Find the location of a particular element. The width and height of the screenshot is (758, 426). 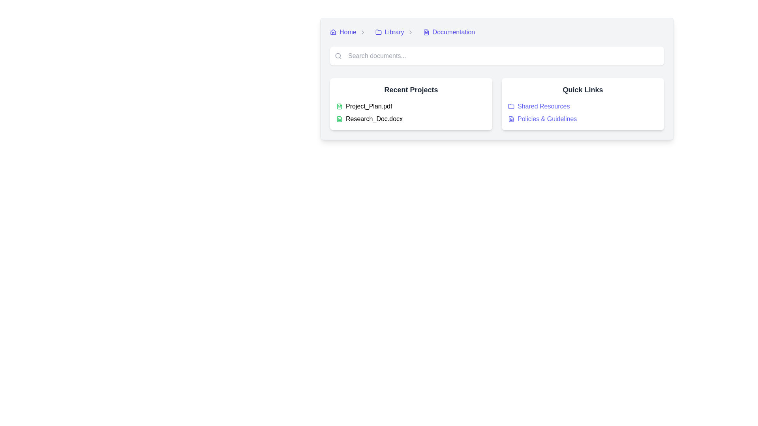

the document icon represented by a blue file symbol, located to the left of the 'Documentation' text in the navigation breadcrumb bar is located at coordinates (426, 32).